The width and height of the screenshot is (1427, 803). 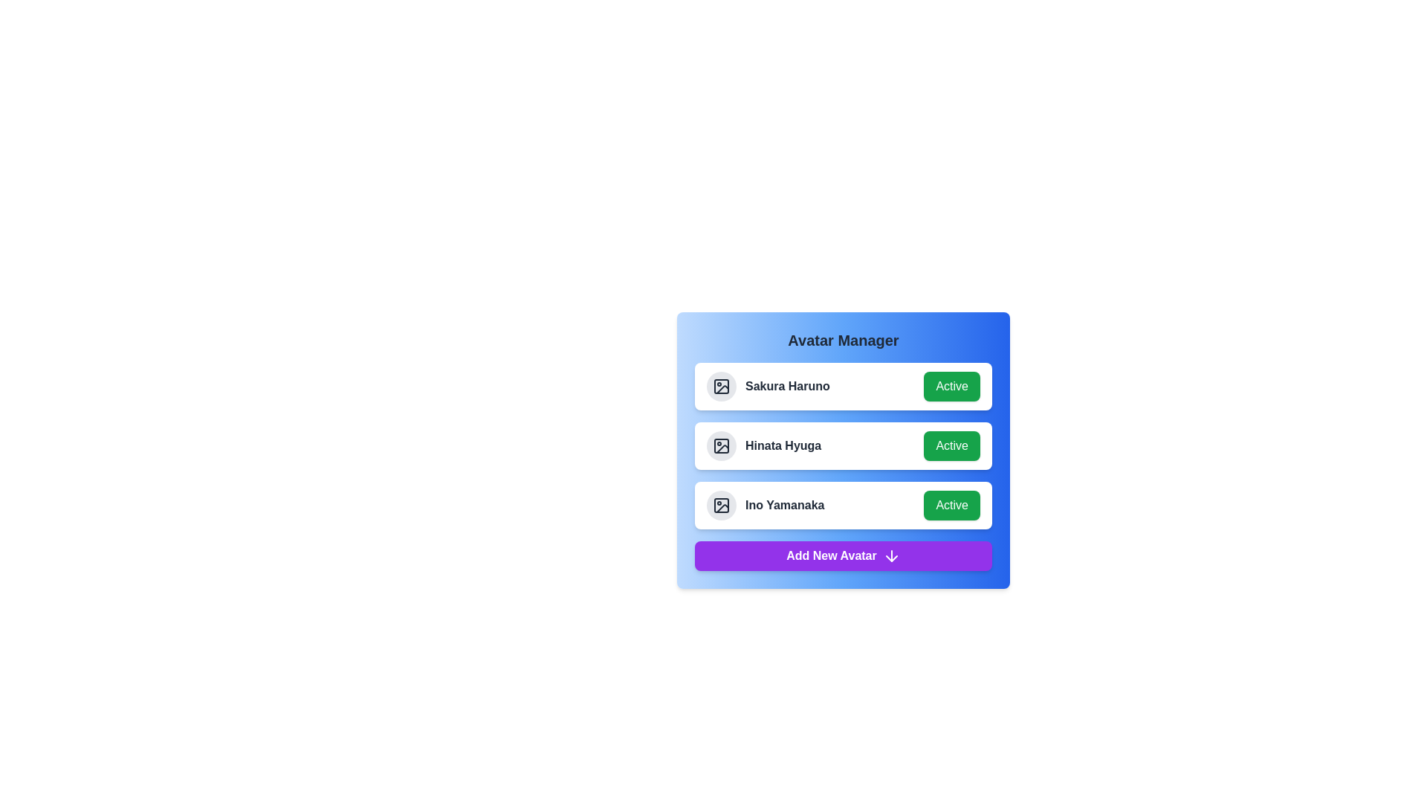 What do you see at coordinates (721, 504) in the screenshot?
I see `the grayish rectangular icon with rounded corners located in the 'Ino Yamanaka' section of the avatar management component` at bounding box center [721, 504].